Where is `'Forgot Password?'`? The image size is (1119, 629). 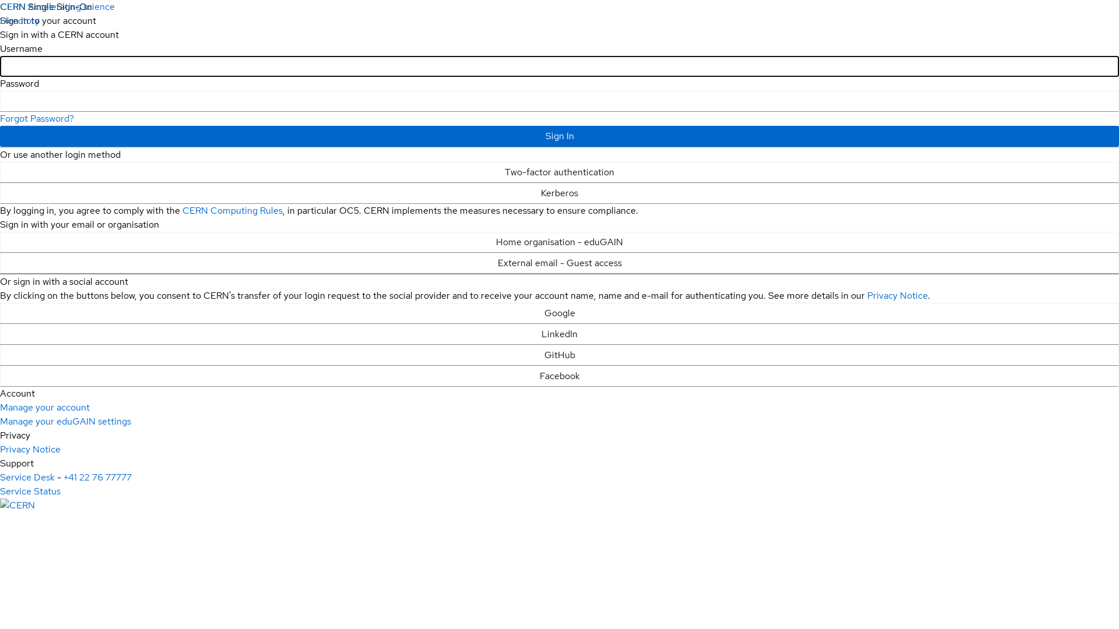
'Forgot Password?' is located at coordinates (37, 118).